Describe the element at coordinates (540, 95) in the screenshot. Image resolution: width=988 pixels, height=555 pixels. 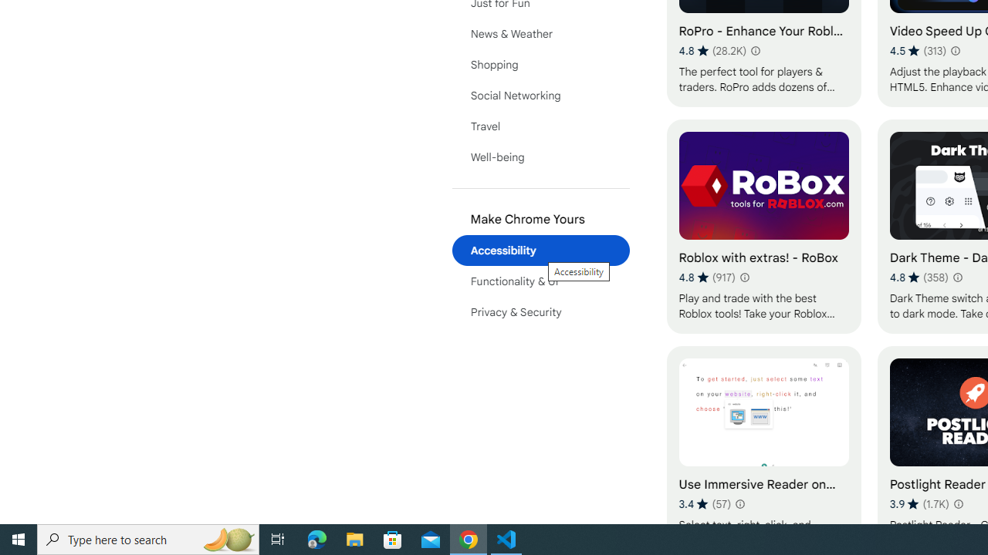
I see `'Social Networking'` at that location.